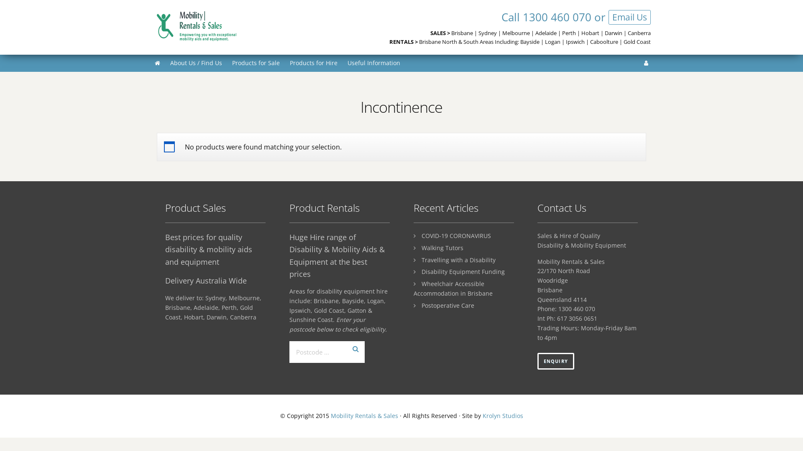 This screenshot has height=451, width=803. Describe the element at coordinates (313, 62) in the screenshot. I see `'Products for Hire'` at that location.